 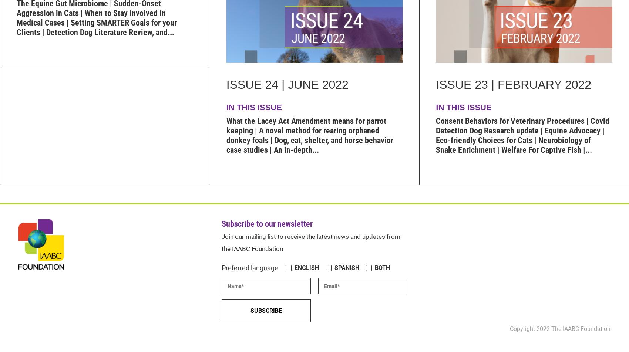 I want to click on 'Subscribe to our newsletter', so click(x=267, y=223).